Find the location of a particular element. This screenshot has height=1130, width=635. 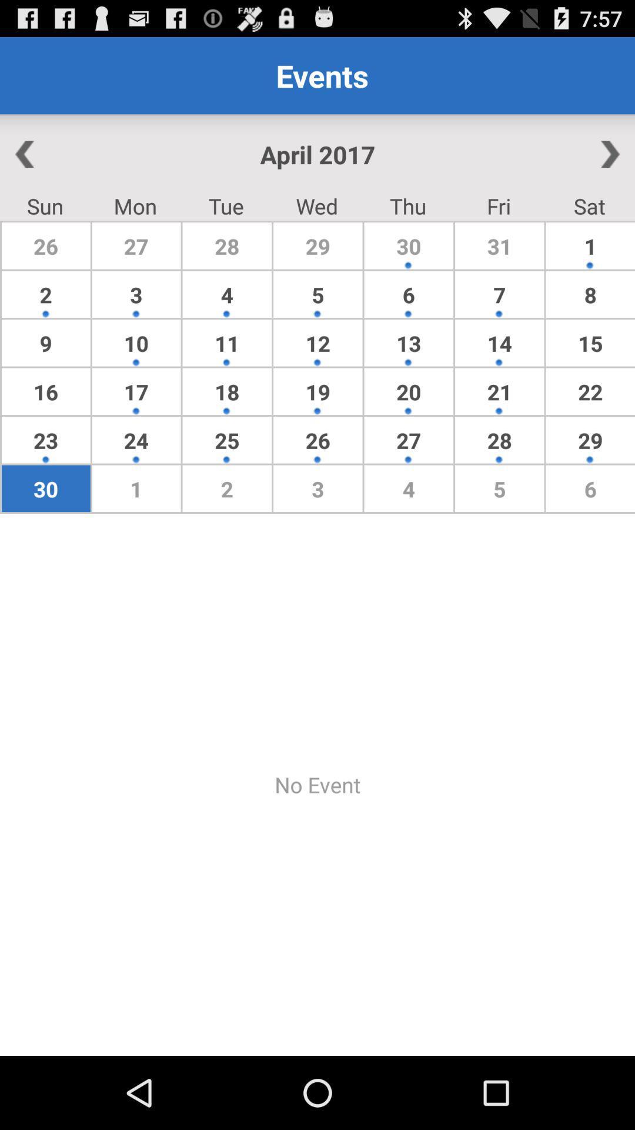

item below 3 icon is located at coordinates (227, 342).